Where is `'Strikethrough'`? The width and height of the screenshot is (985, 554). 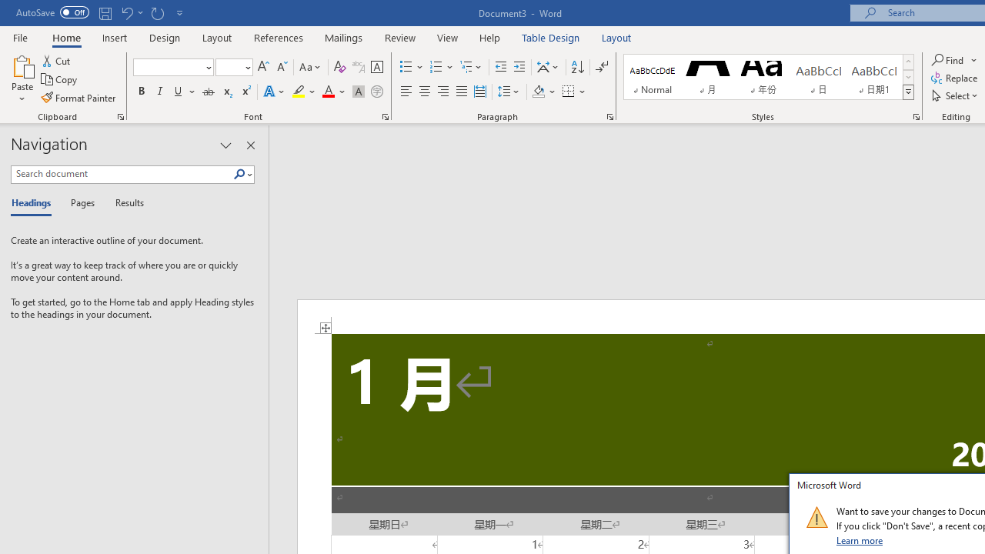 'Strikethrough' is located at coordinates (207, 92).